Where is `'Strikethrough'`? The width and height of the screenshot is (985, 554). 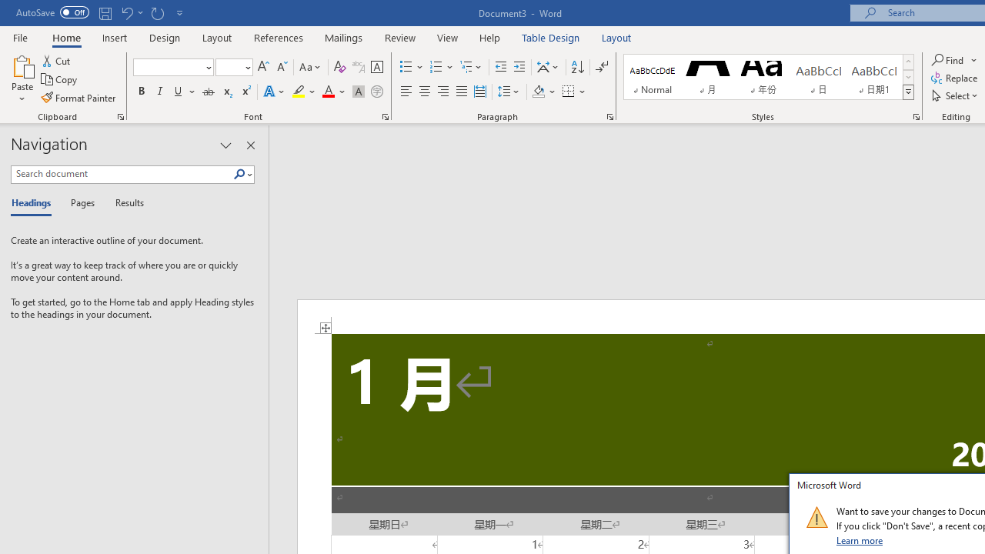 'Strikethrough' is located at coordinates (207, 92).